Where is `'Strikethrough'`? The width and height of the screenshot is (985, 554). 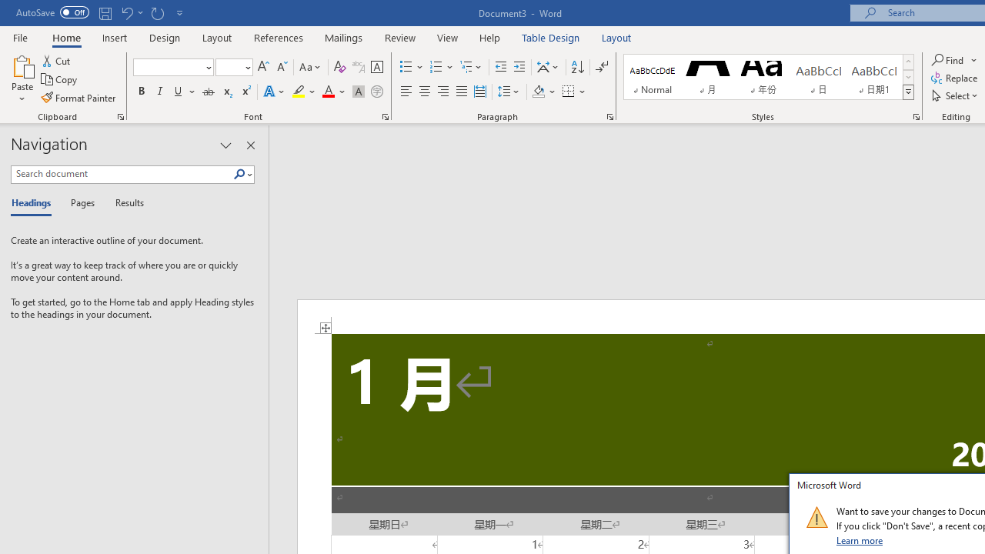 'Strikethrough' is located at coordinates (207, 92).